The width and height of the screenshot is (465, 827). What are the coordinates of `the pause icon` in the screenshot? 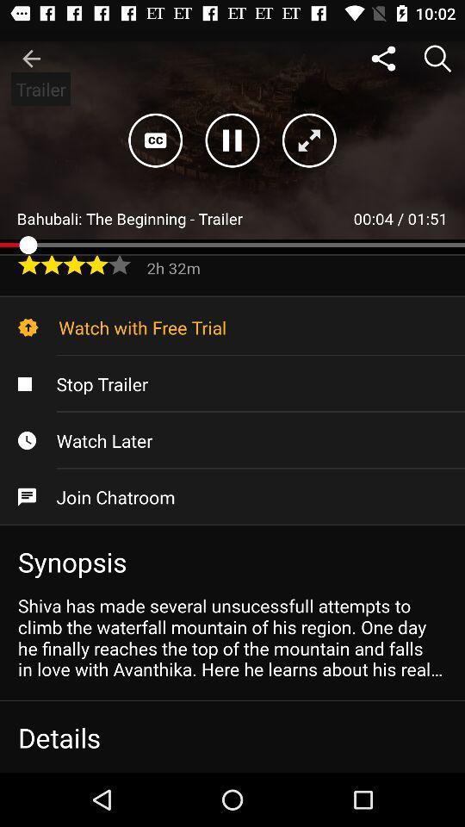 It's located at (232, 140).